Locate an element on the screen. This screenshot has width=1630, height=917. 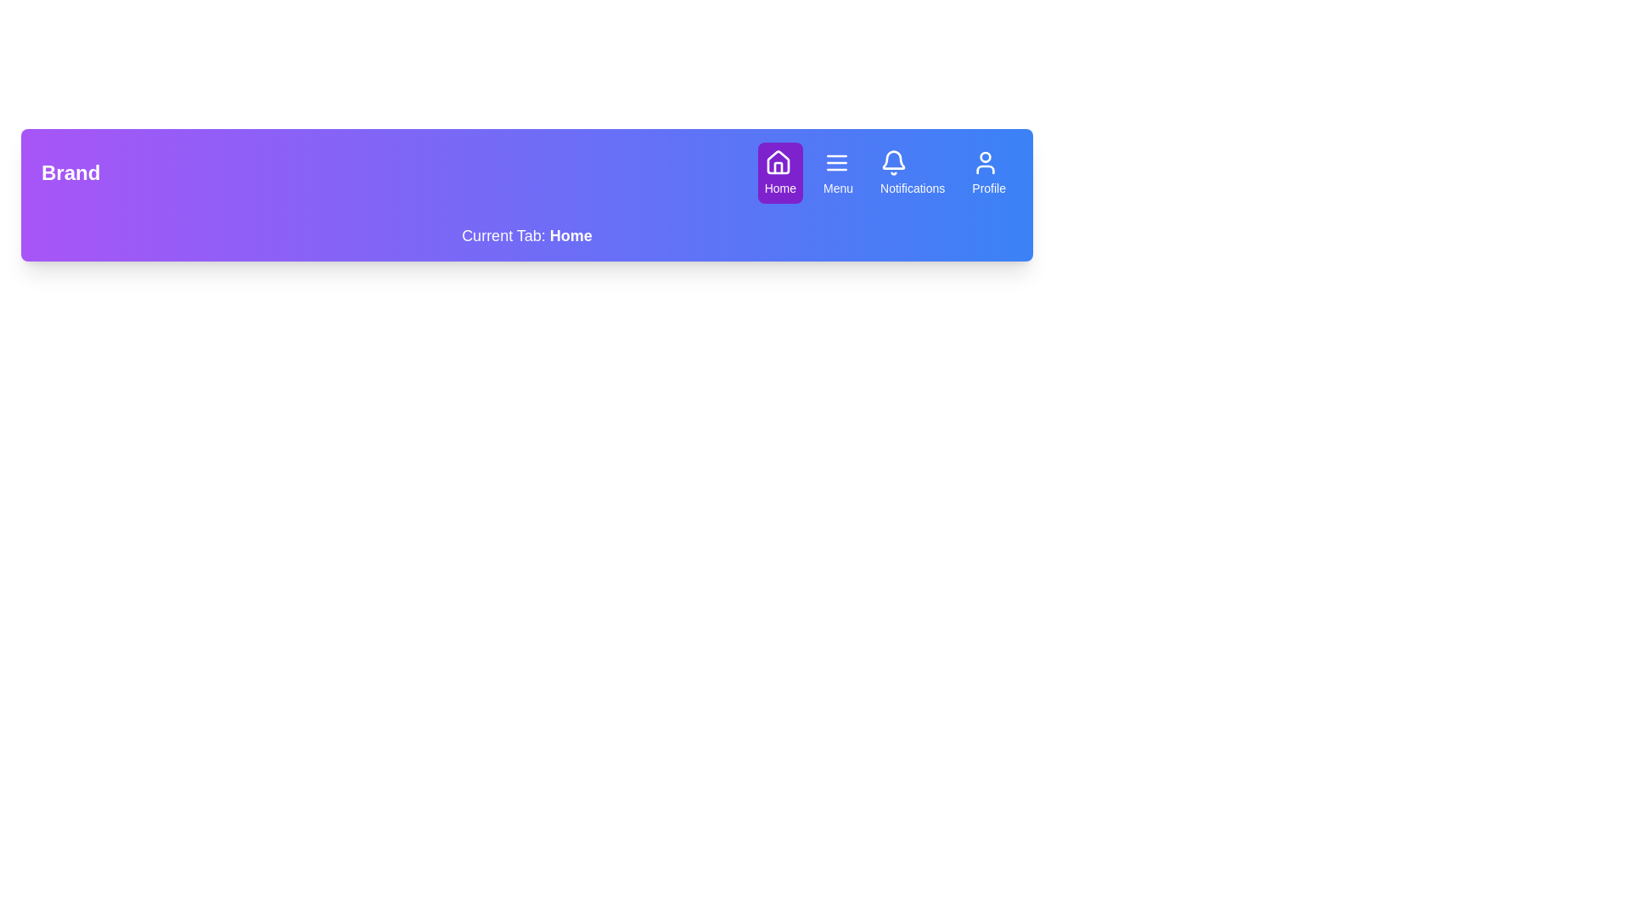
the bell-shaped icon within the 'Notifications' button in the navigation menu is located at coordinates (893, 163).